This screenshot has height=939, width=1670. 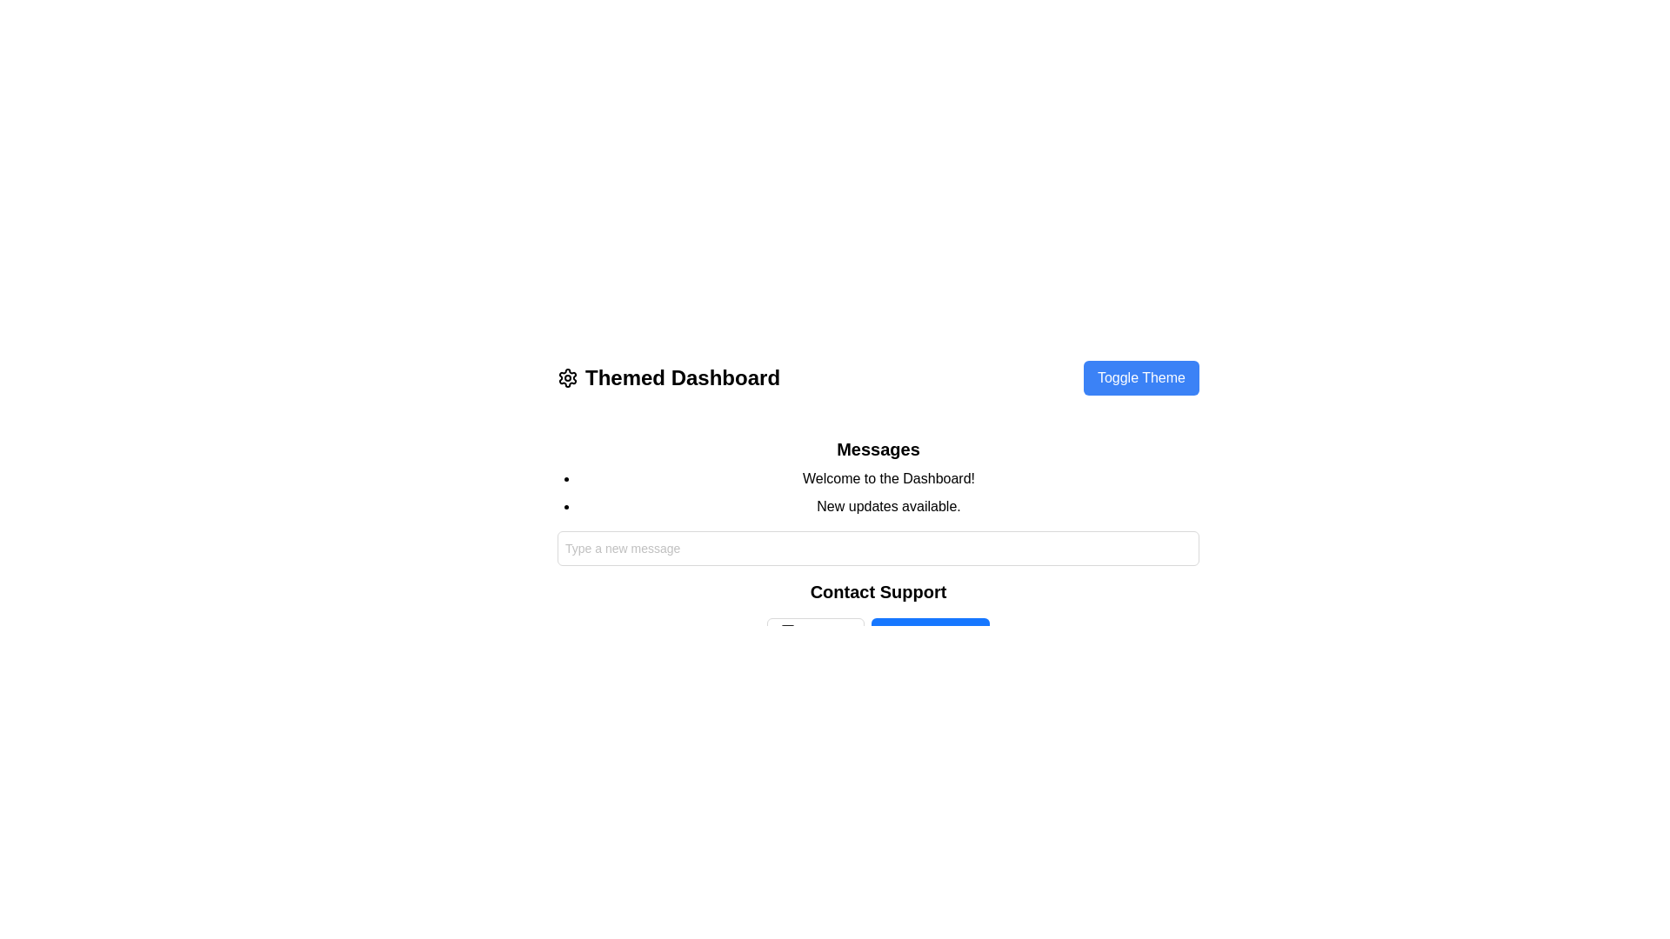 What do you see at coordinates (889, 506) in the screenshot?
I see `the text label stating 'New updates available' which is the second item in the bulleted list under the 'Messages' header` at bounding box center [889, 506].